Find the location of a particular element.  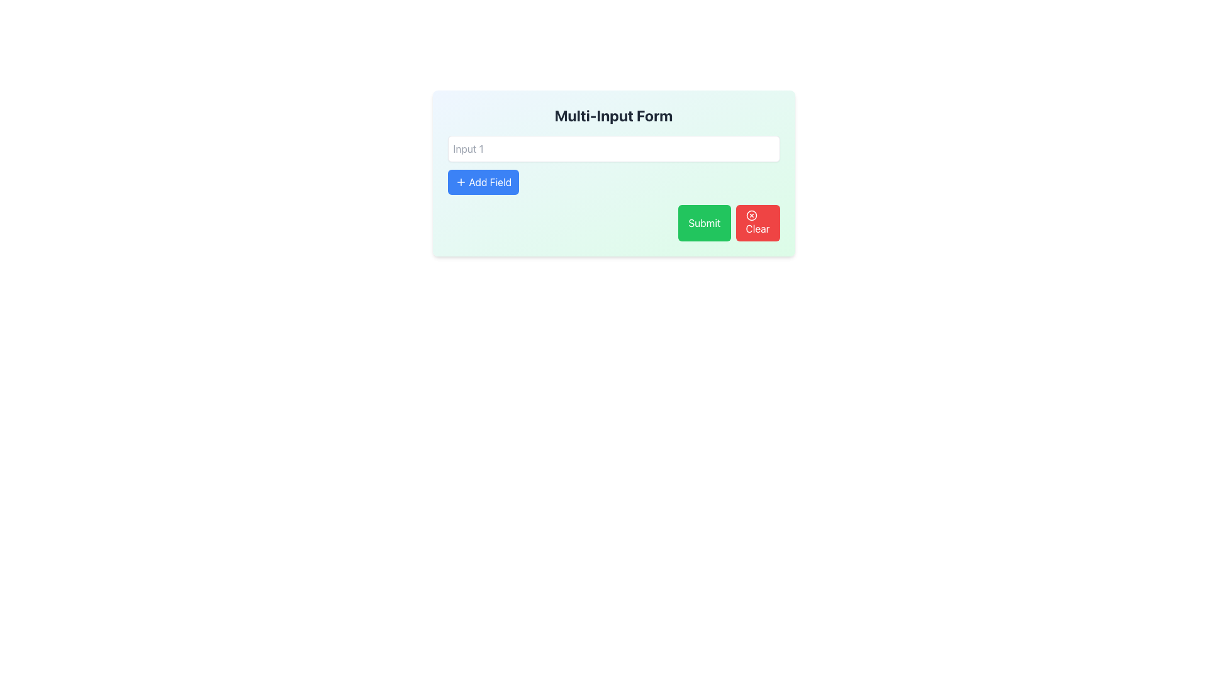

the SVG Circle Icon located above the 'Clear' button in the bottom-right corner of the form interface is located at coordinates (751, 215).